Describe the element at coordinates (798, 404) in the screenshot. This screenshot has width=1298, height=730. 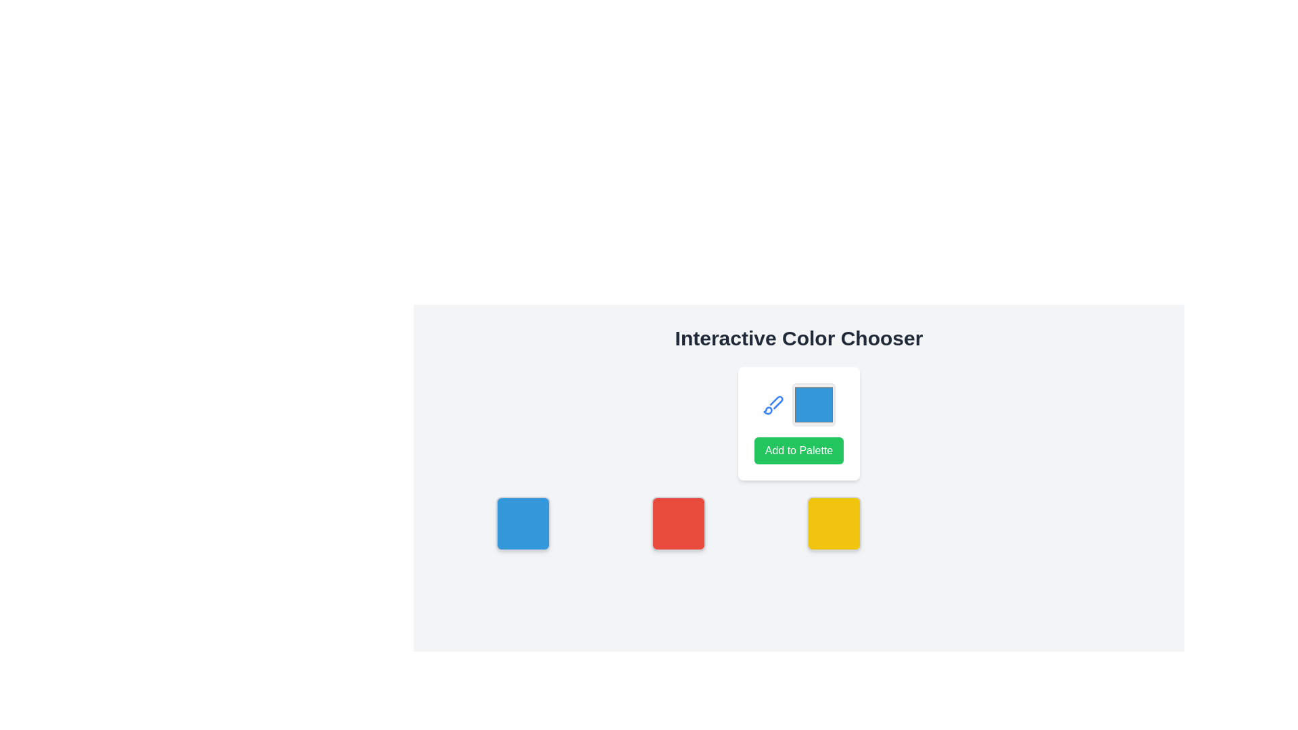
I see `the interactive color picker button that displays the currently selected color (blue)` at that location.